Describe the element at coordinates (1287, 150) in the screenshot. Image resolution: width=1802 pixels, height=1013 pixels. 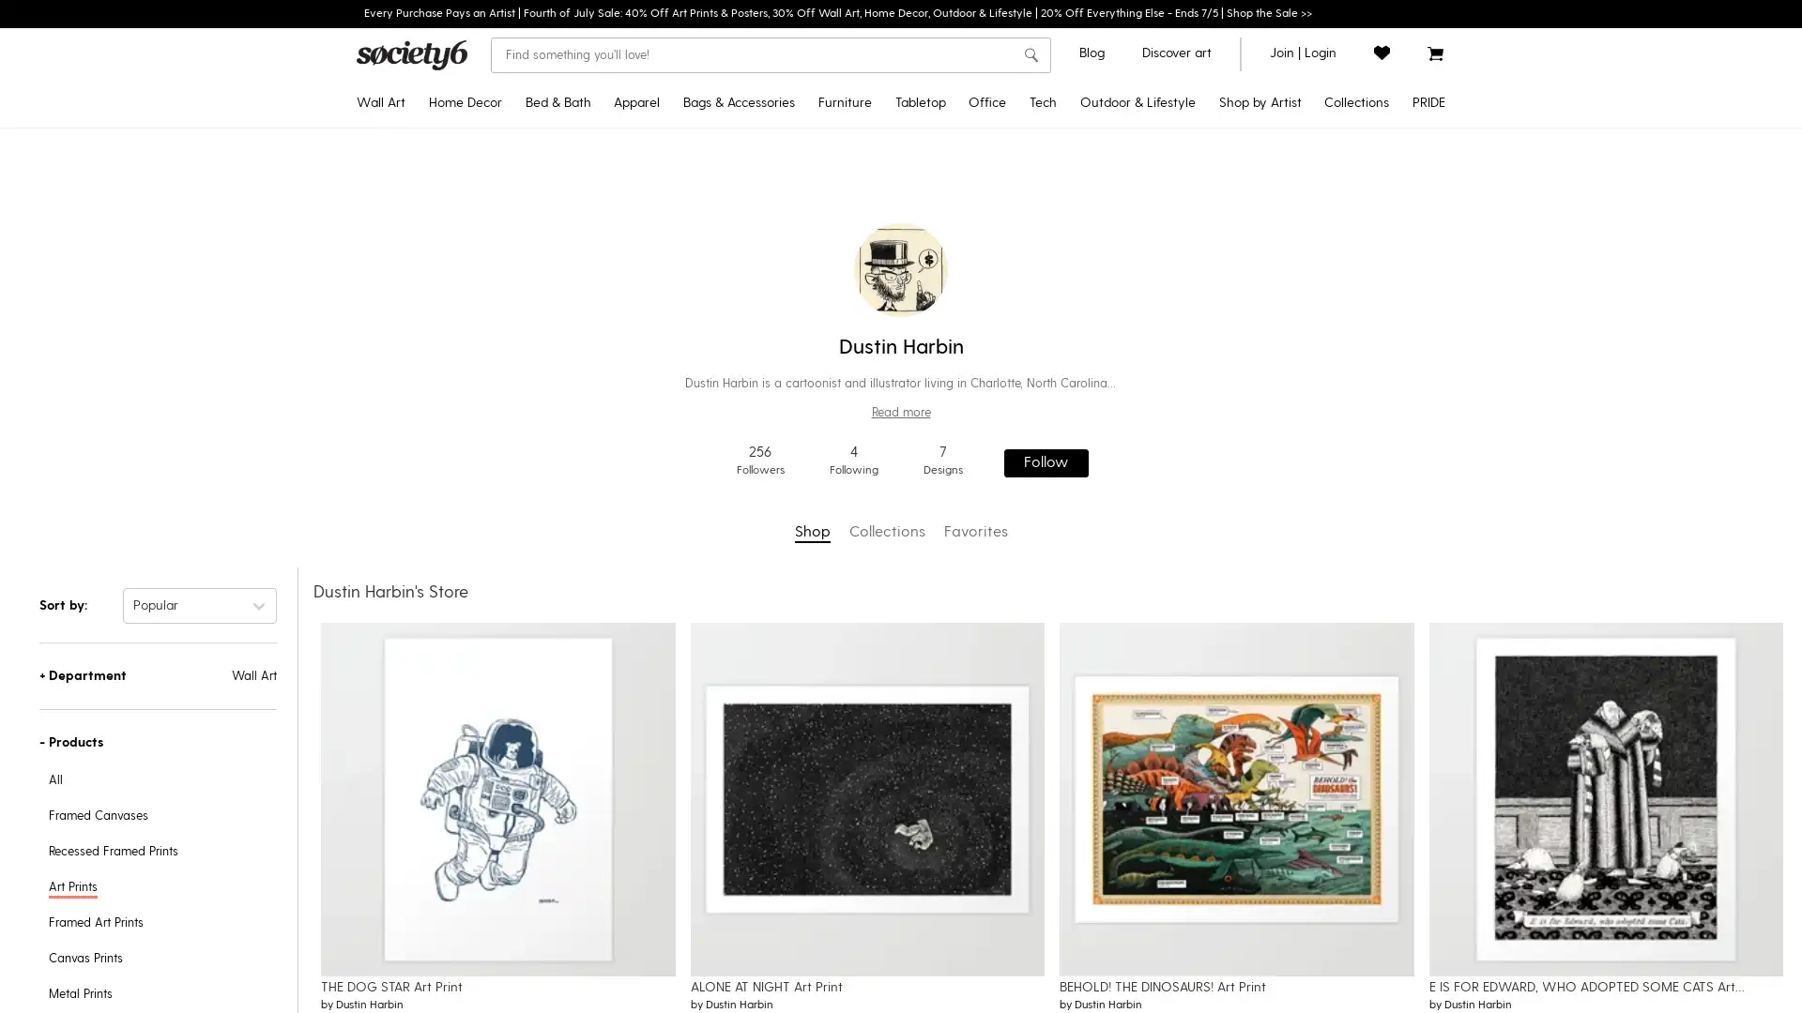
I see `Pride MonthNEW` at that location.